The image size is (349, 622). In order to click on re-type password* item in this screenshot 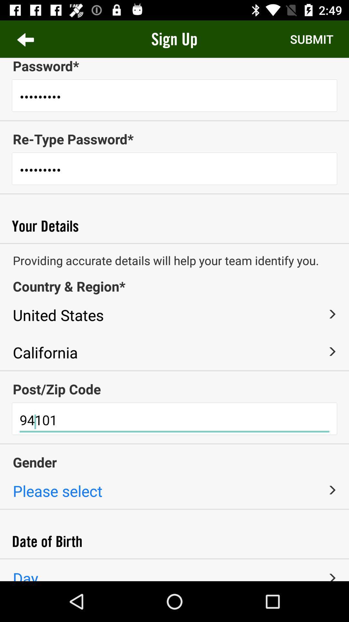, I will do `click(174, 138)`.